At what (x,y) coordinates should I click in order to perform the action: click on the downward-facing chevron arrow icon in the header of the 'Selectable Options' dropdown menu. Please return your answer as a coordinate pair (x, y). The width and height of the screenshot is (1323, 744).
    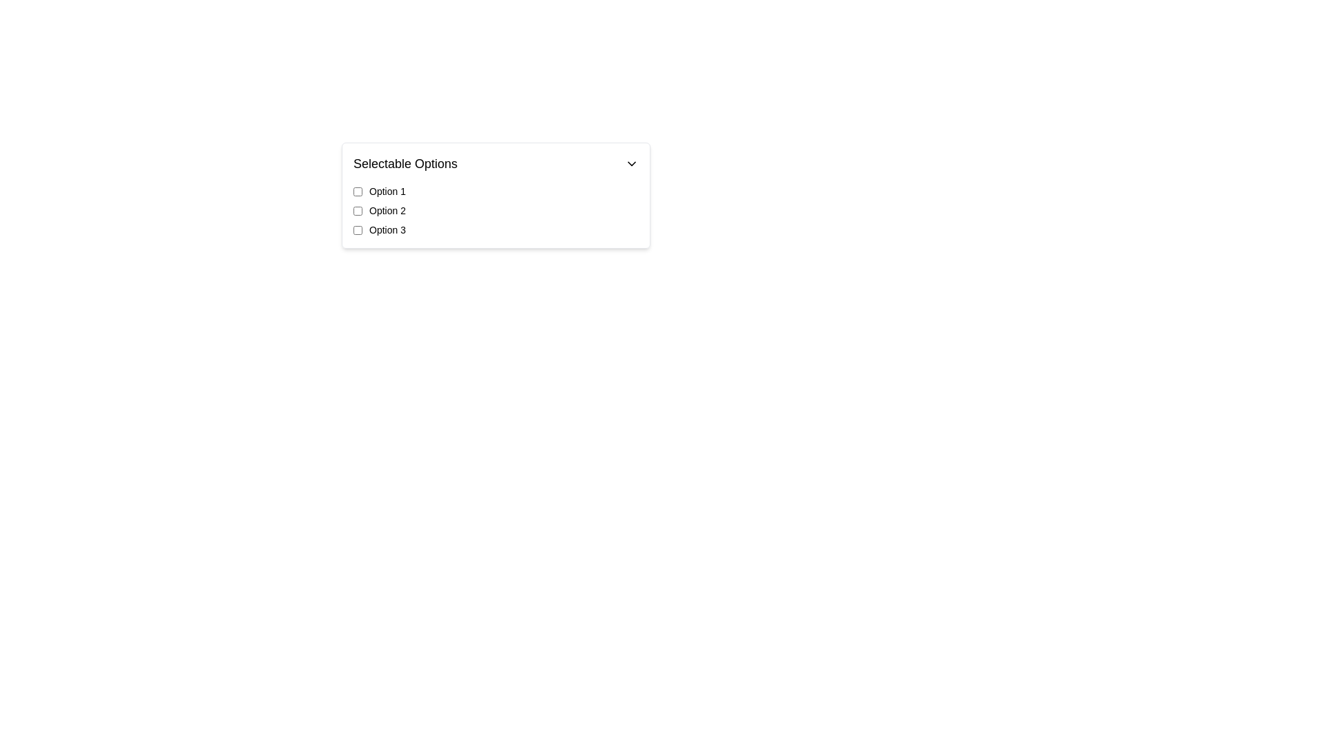
    Looking at the image, I should click on (630, 163).